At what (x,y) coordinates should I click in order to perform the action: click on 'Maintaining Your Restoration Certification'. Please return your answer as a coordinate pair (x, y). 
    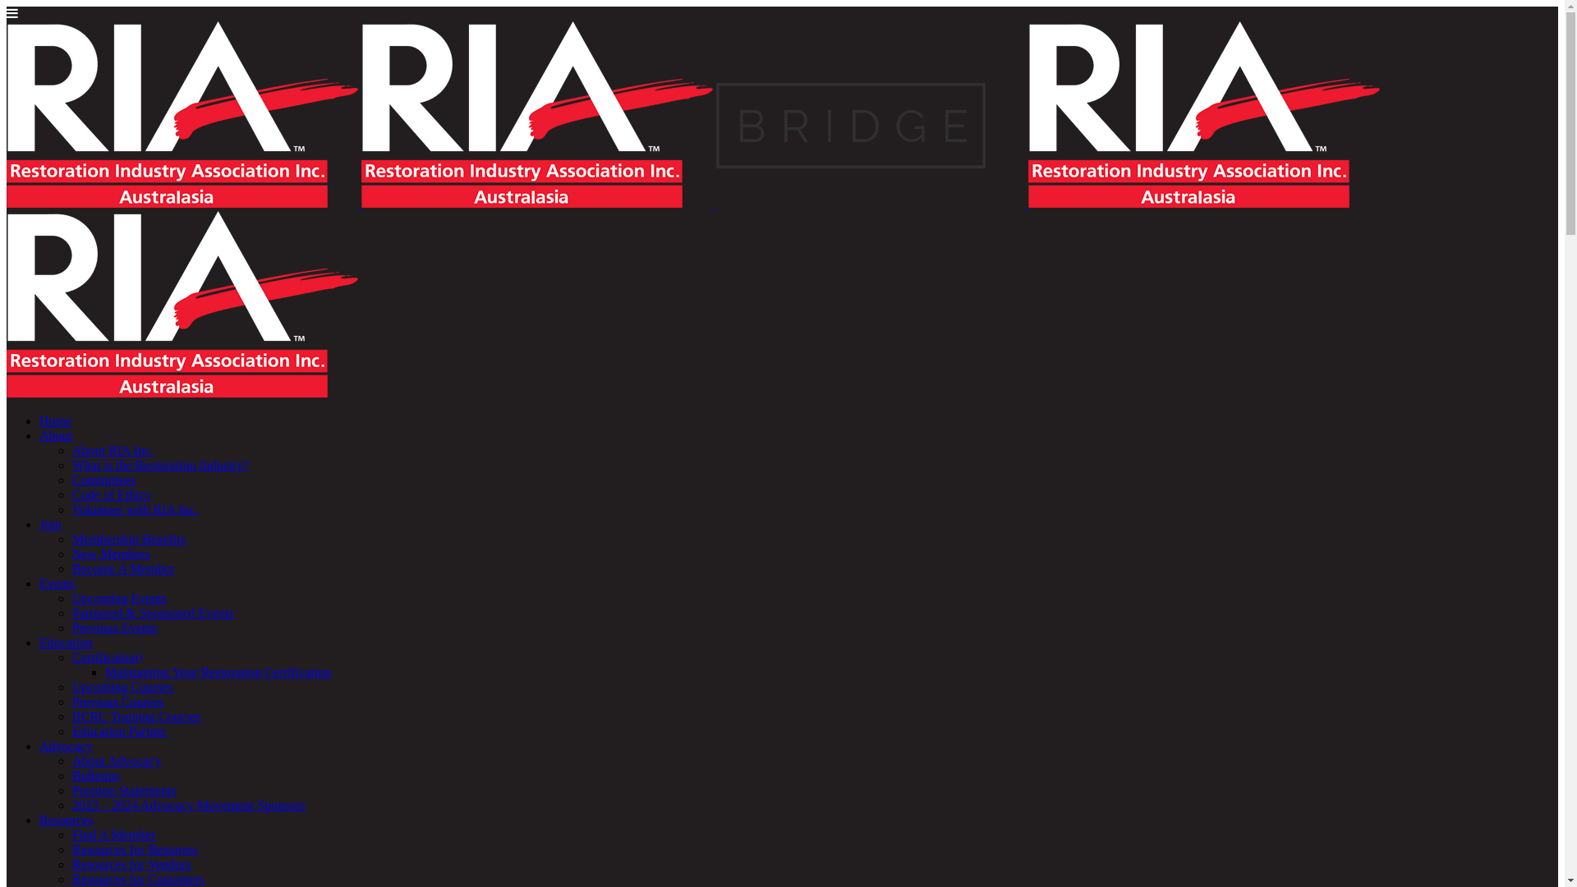
    Looking at the image, I should click on (217, 672).